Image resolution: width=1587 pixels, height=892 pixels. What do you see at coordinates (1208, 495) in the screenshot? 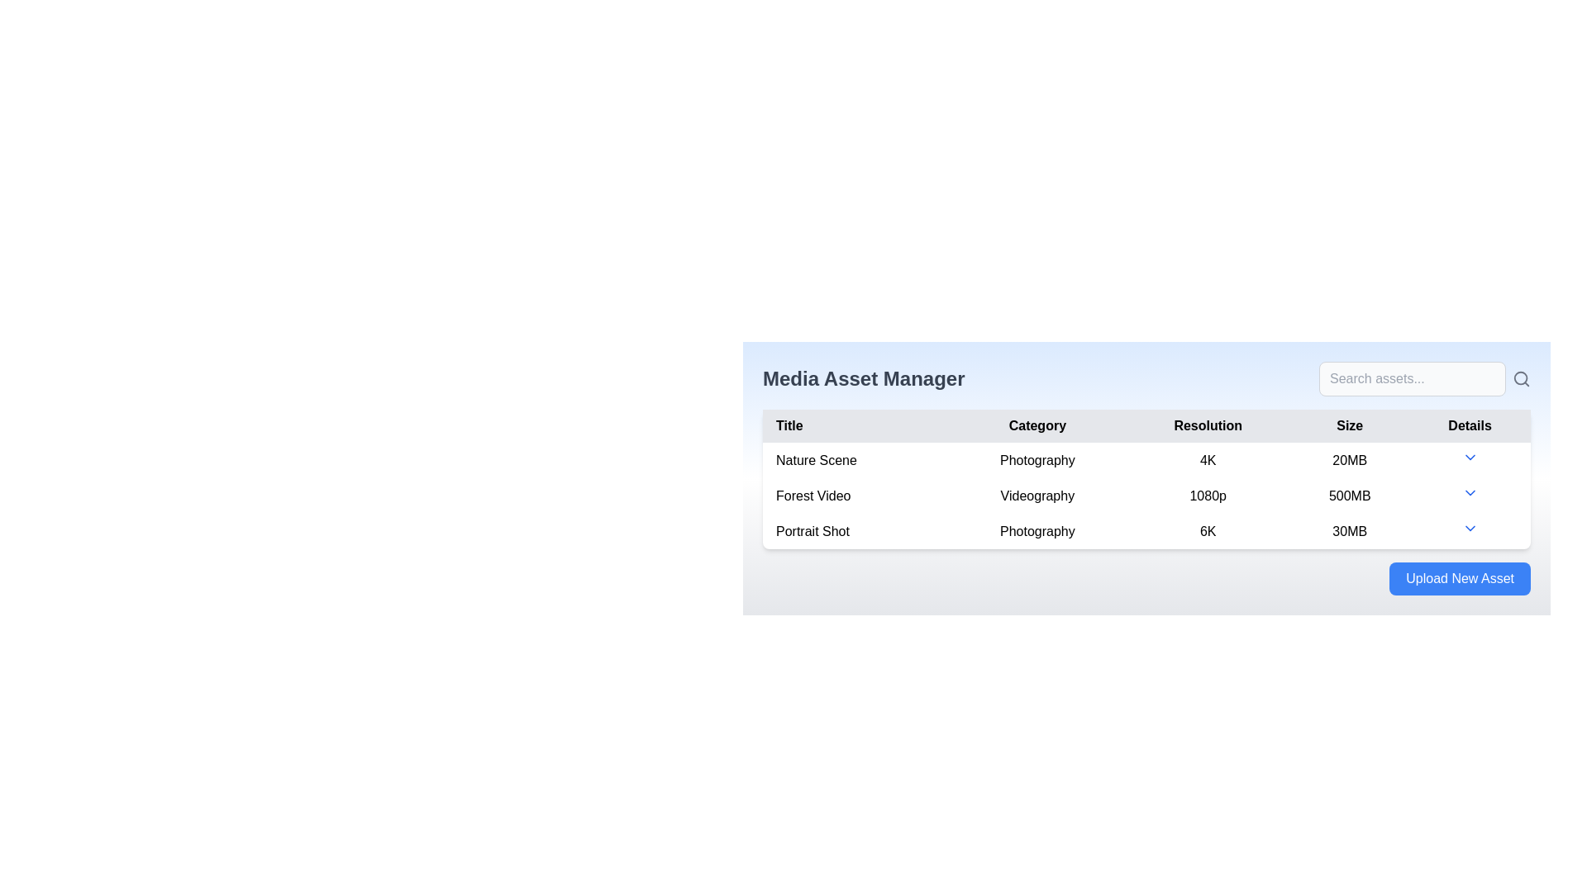
I see `the Text Label displaying '1080p' in the second row of the table under the 'Resolution' column, associated with the 'Forest Video' entry` at bounding box center [1208, 495].